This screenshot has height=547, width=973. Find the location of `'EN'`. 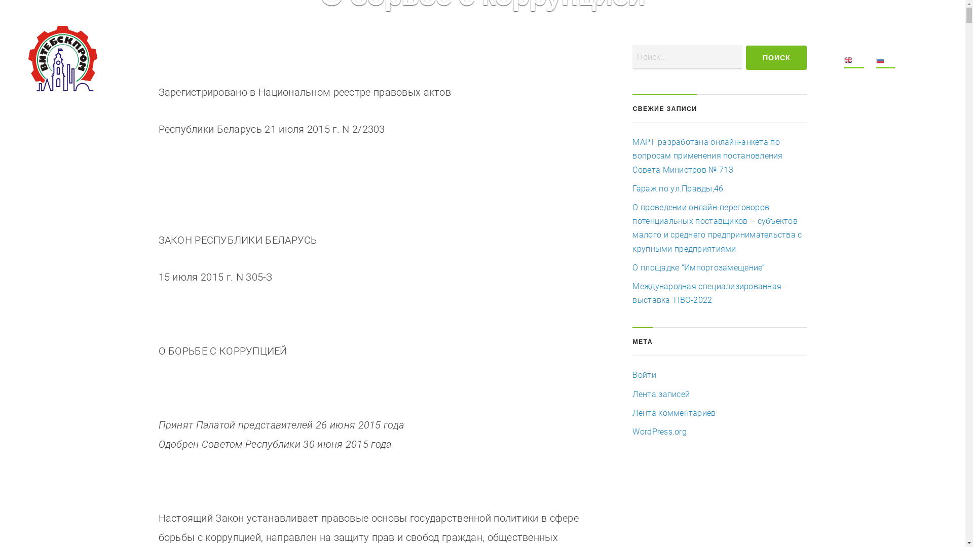

'EN' is located at coordinates (853, 62).